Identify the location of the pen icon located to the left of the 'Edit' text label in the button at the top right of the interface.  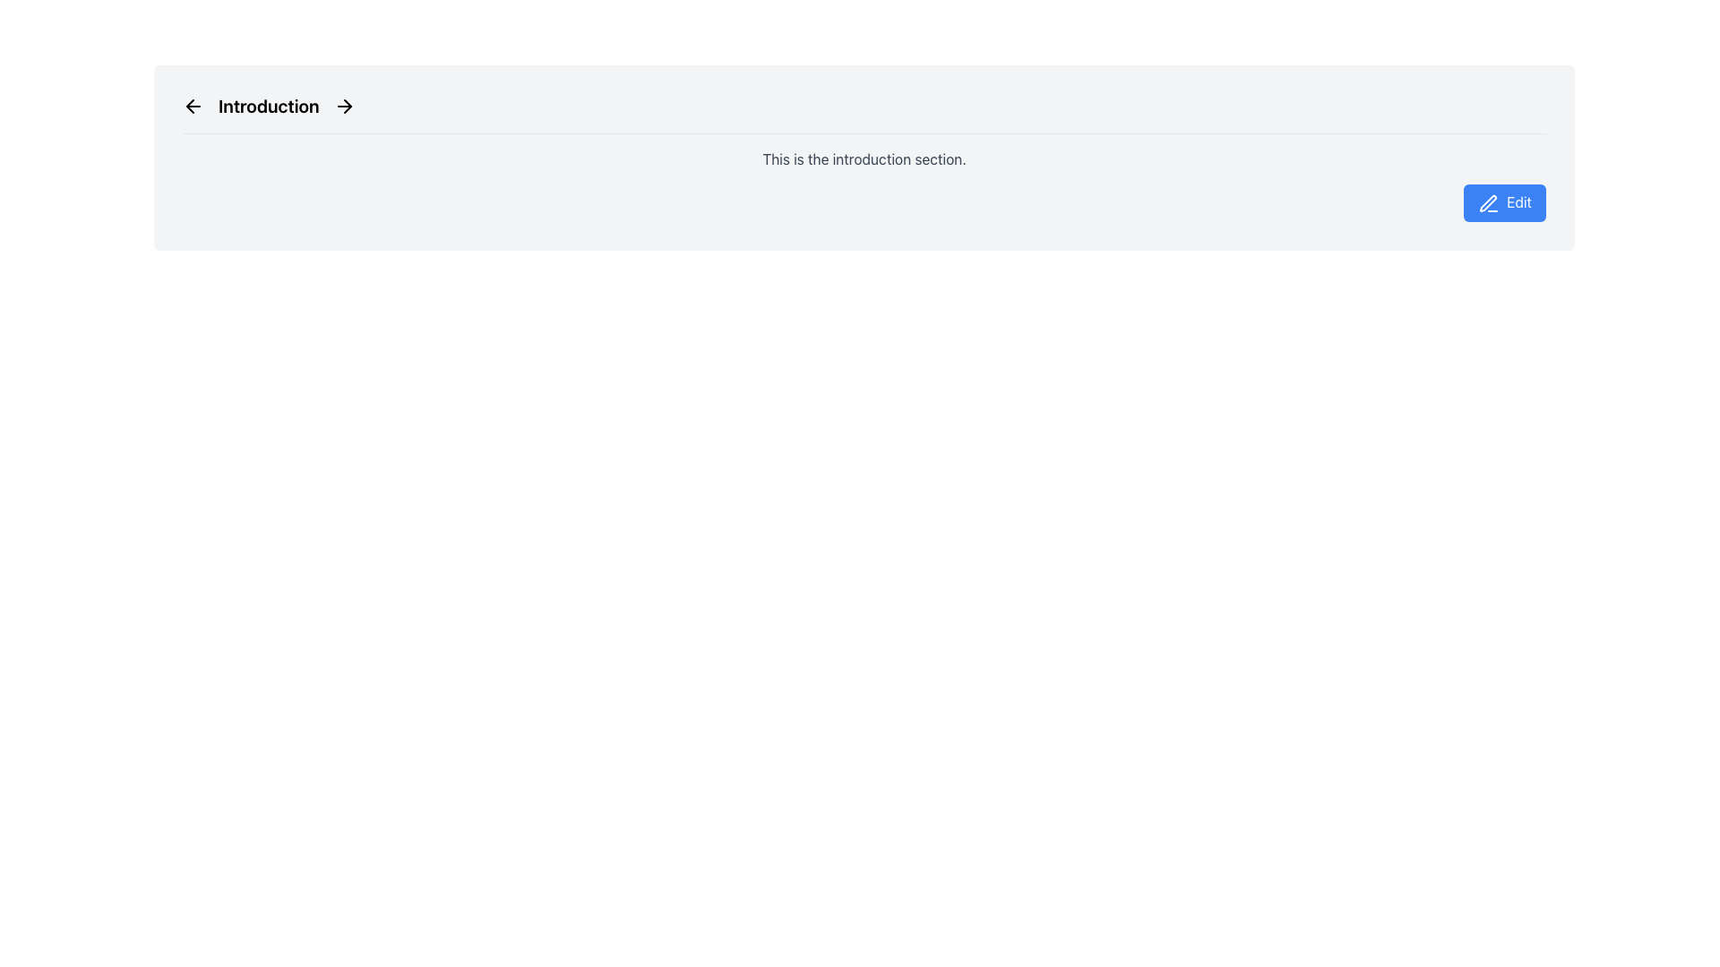
(1488, 202).